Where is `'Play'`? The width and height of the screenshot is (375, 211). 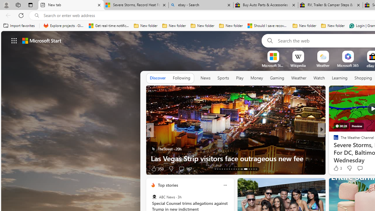
'Play' is located at coordinates (240, 78).